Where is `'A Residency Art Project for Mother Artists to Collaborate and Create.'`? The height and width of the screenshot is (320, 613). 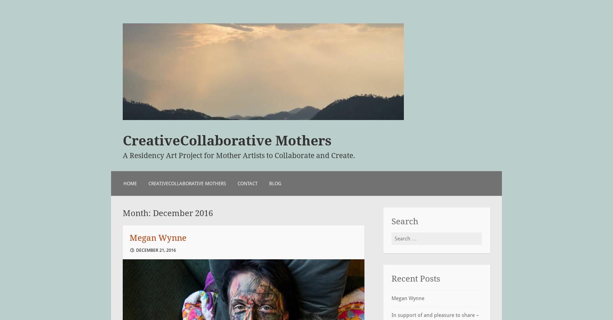 'A Residency Art Project for Mother Artists to Collaborate and Create.' is located at coordinates (238, 155).